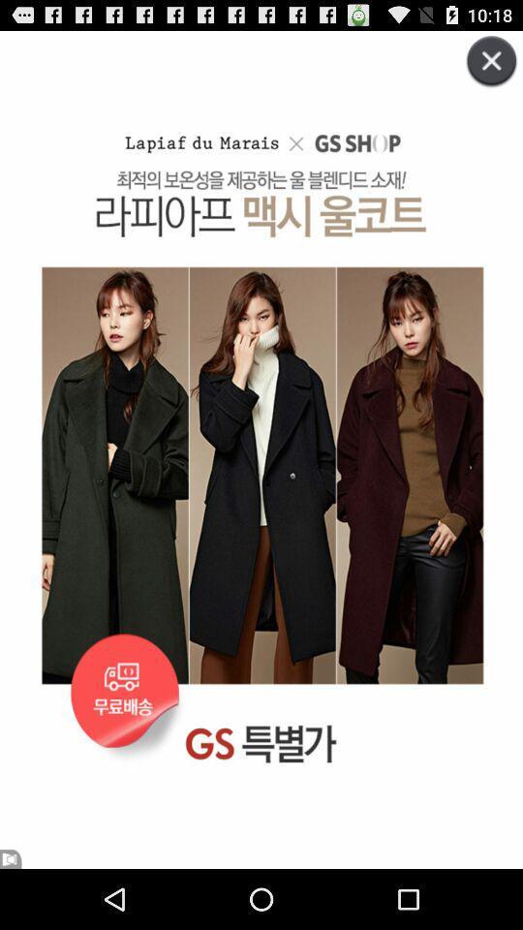 Image resolution: width=523 pixels, height=930 pixels. What do you see at coordinates (484, 72) in the screenshot?
I see `the close icon` at bounding box center [484, 72].